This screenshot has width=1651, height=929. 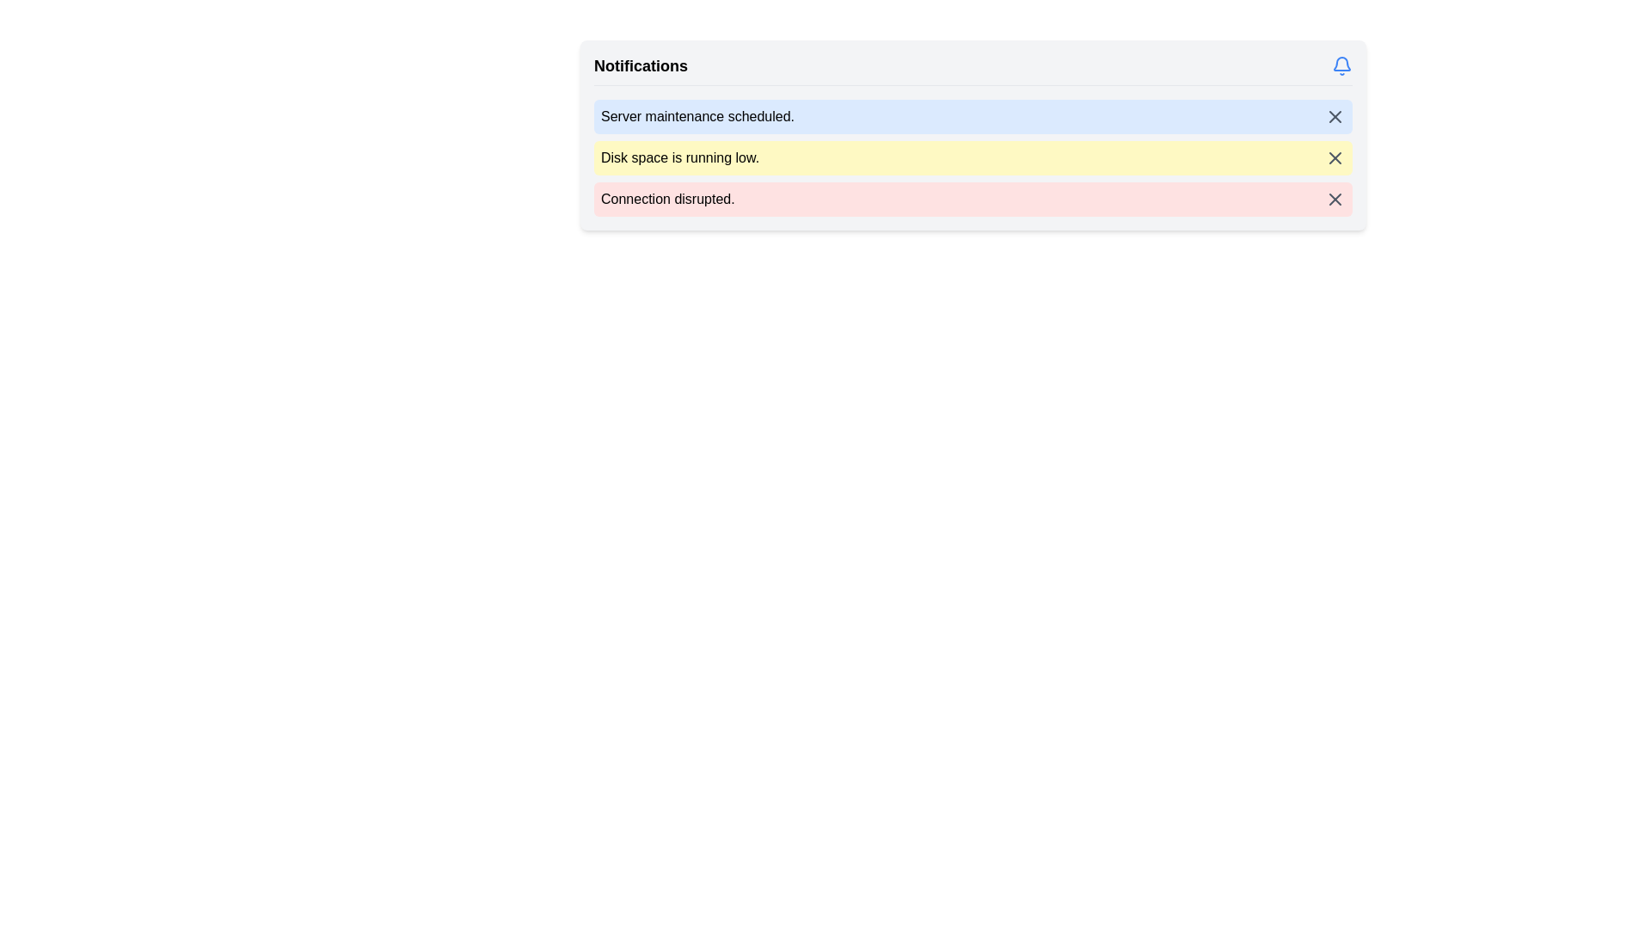 What do you see at coordinates (1335, 198) in the screenshot?
I see `the third item's close button represented by a gray 'X' icon in the notification center to observe its styling changes` at bounding box center [1335, 198].